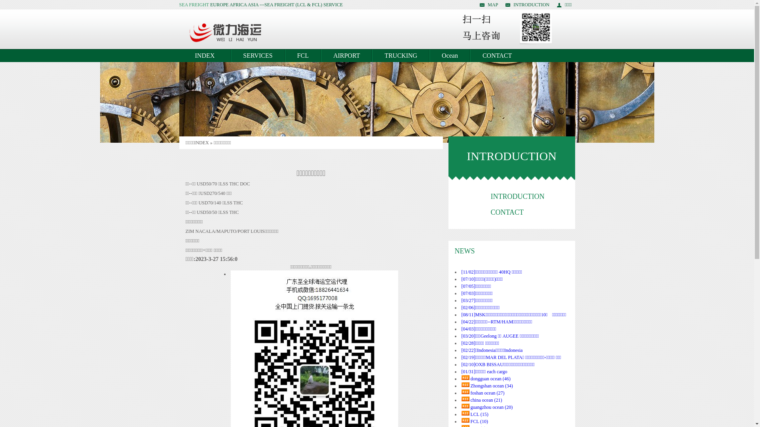 This screenshot has height=427, width=760. Describe the element at coordinates (347, 55) in the screenshot. I see `'AIRPORT'` at that location.